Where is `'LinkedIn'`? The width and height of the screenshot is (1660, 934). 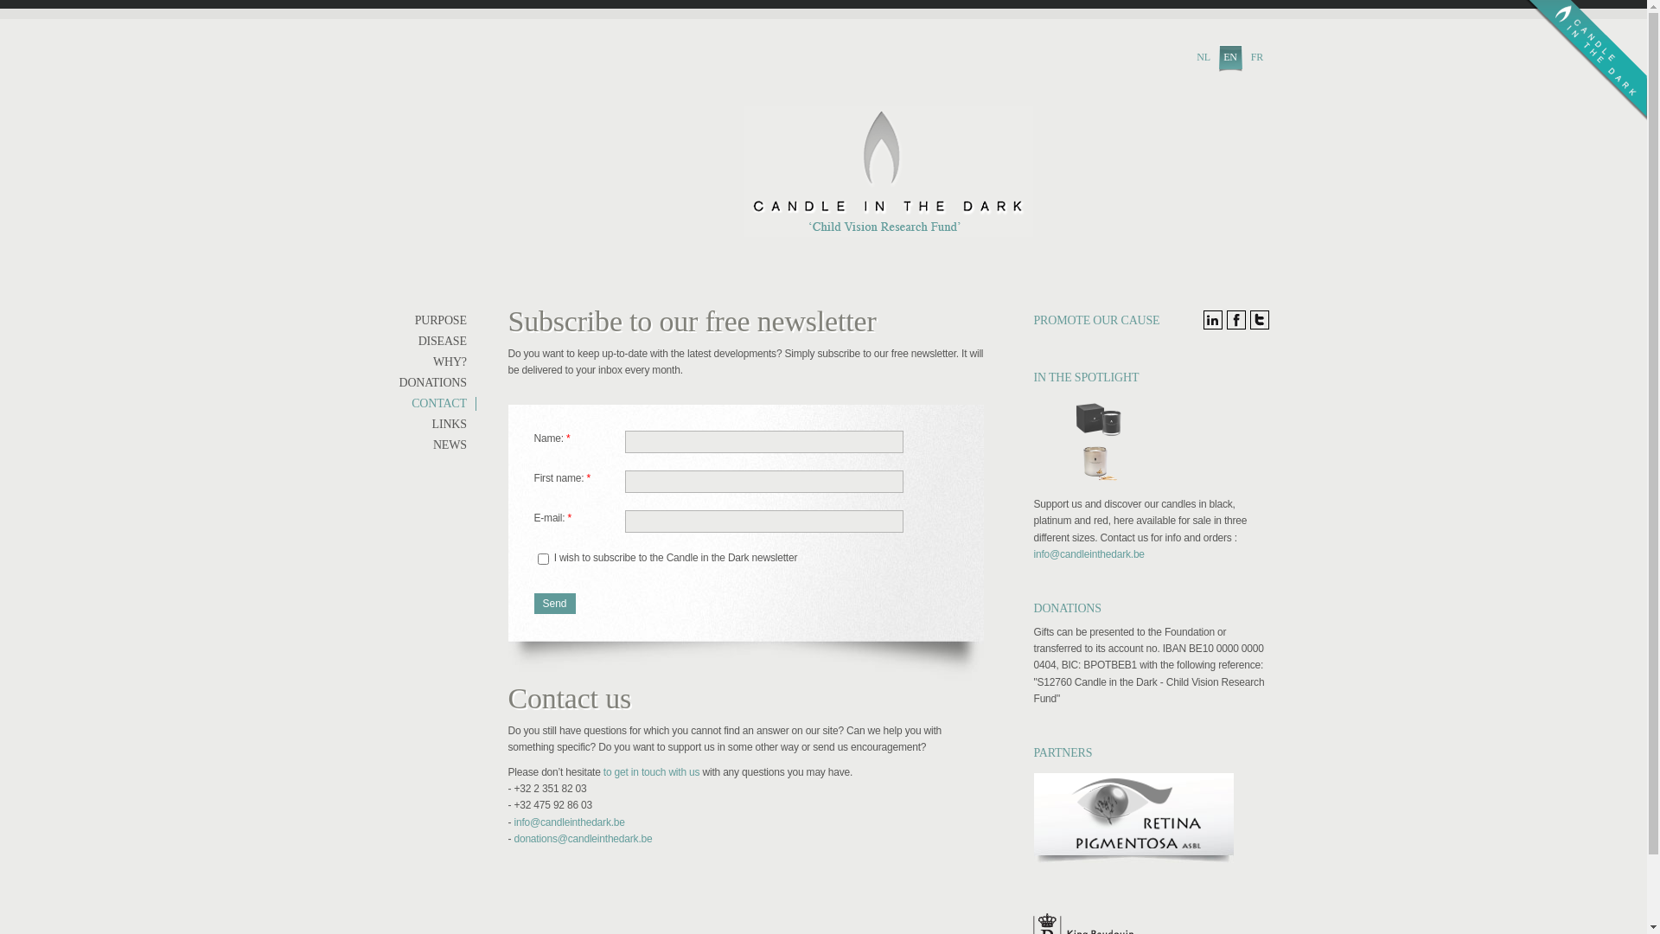
'LinkedIn' is located at coordinates (1211, 320).